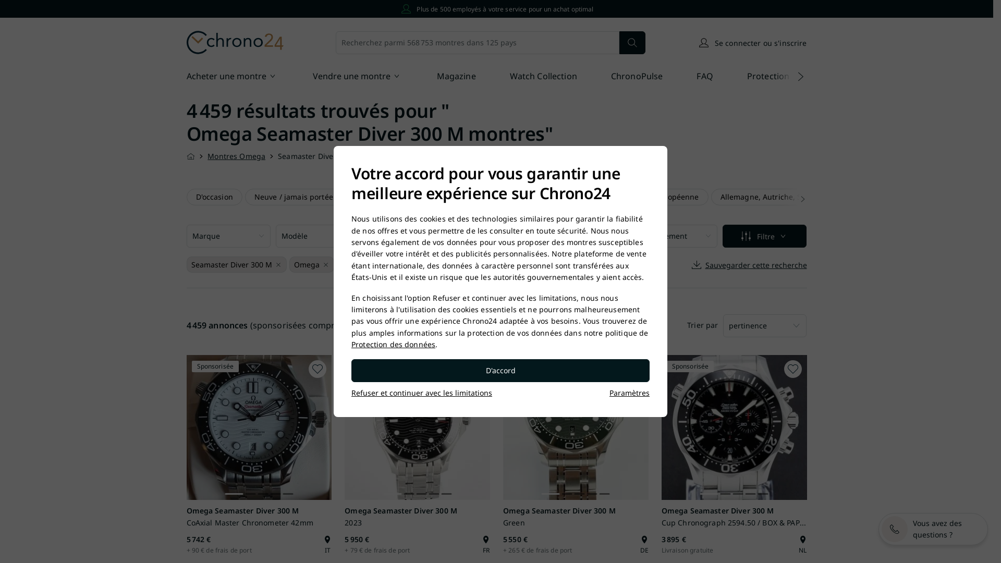 The height and width of the screenshot is (563, 1001). Describe the element at coordinates (327, 544) in the screenshot. I see `'IT'` at that location.